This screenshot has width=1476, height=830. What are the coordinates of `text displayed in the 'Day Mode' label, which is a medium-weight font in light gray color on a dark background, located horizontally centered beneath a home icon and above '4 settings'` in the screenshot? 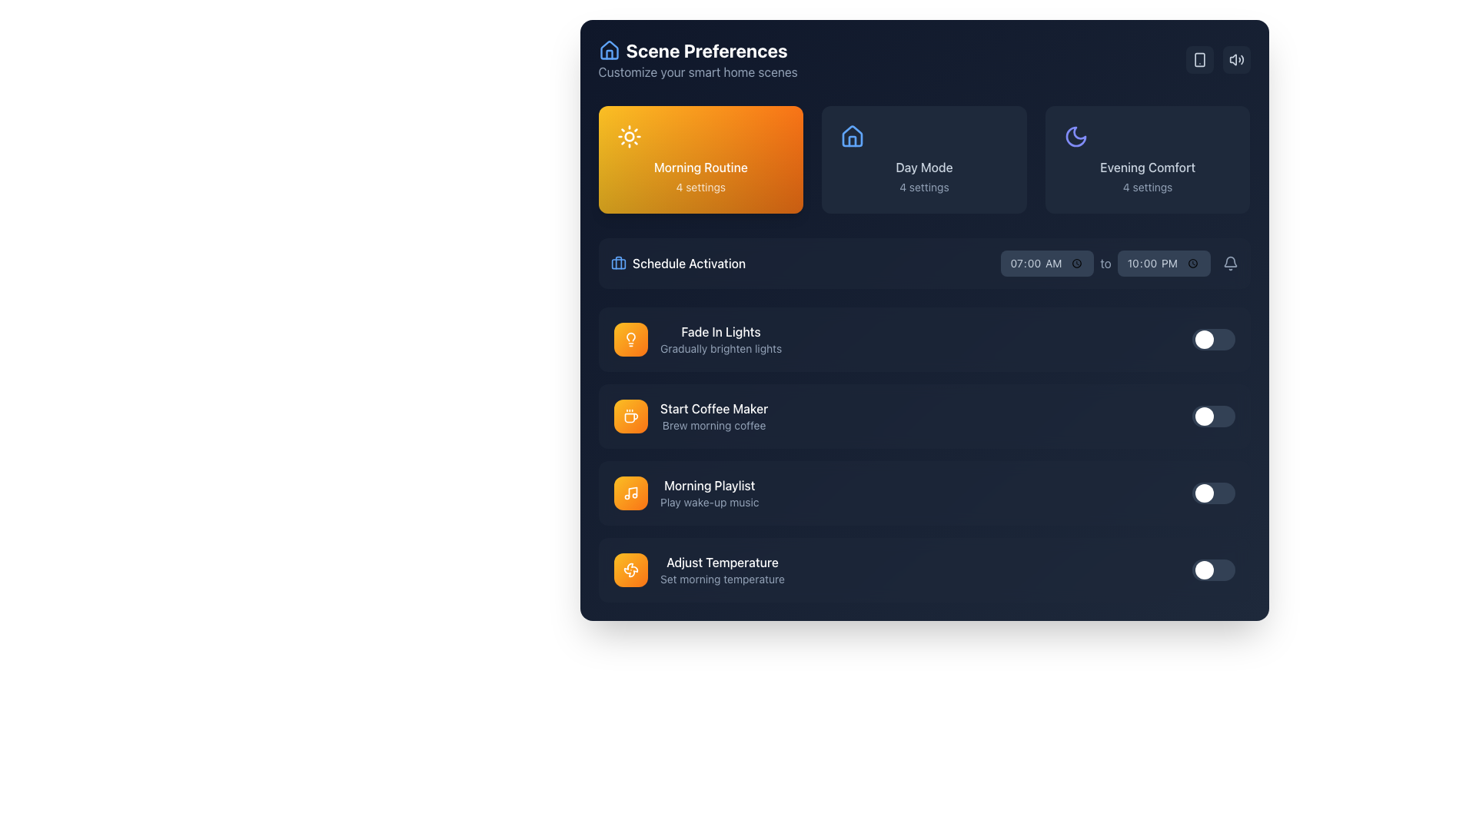 It's located at (923, 168).